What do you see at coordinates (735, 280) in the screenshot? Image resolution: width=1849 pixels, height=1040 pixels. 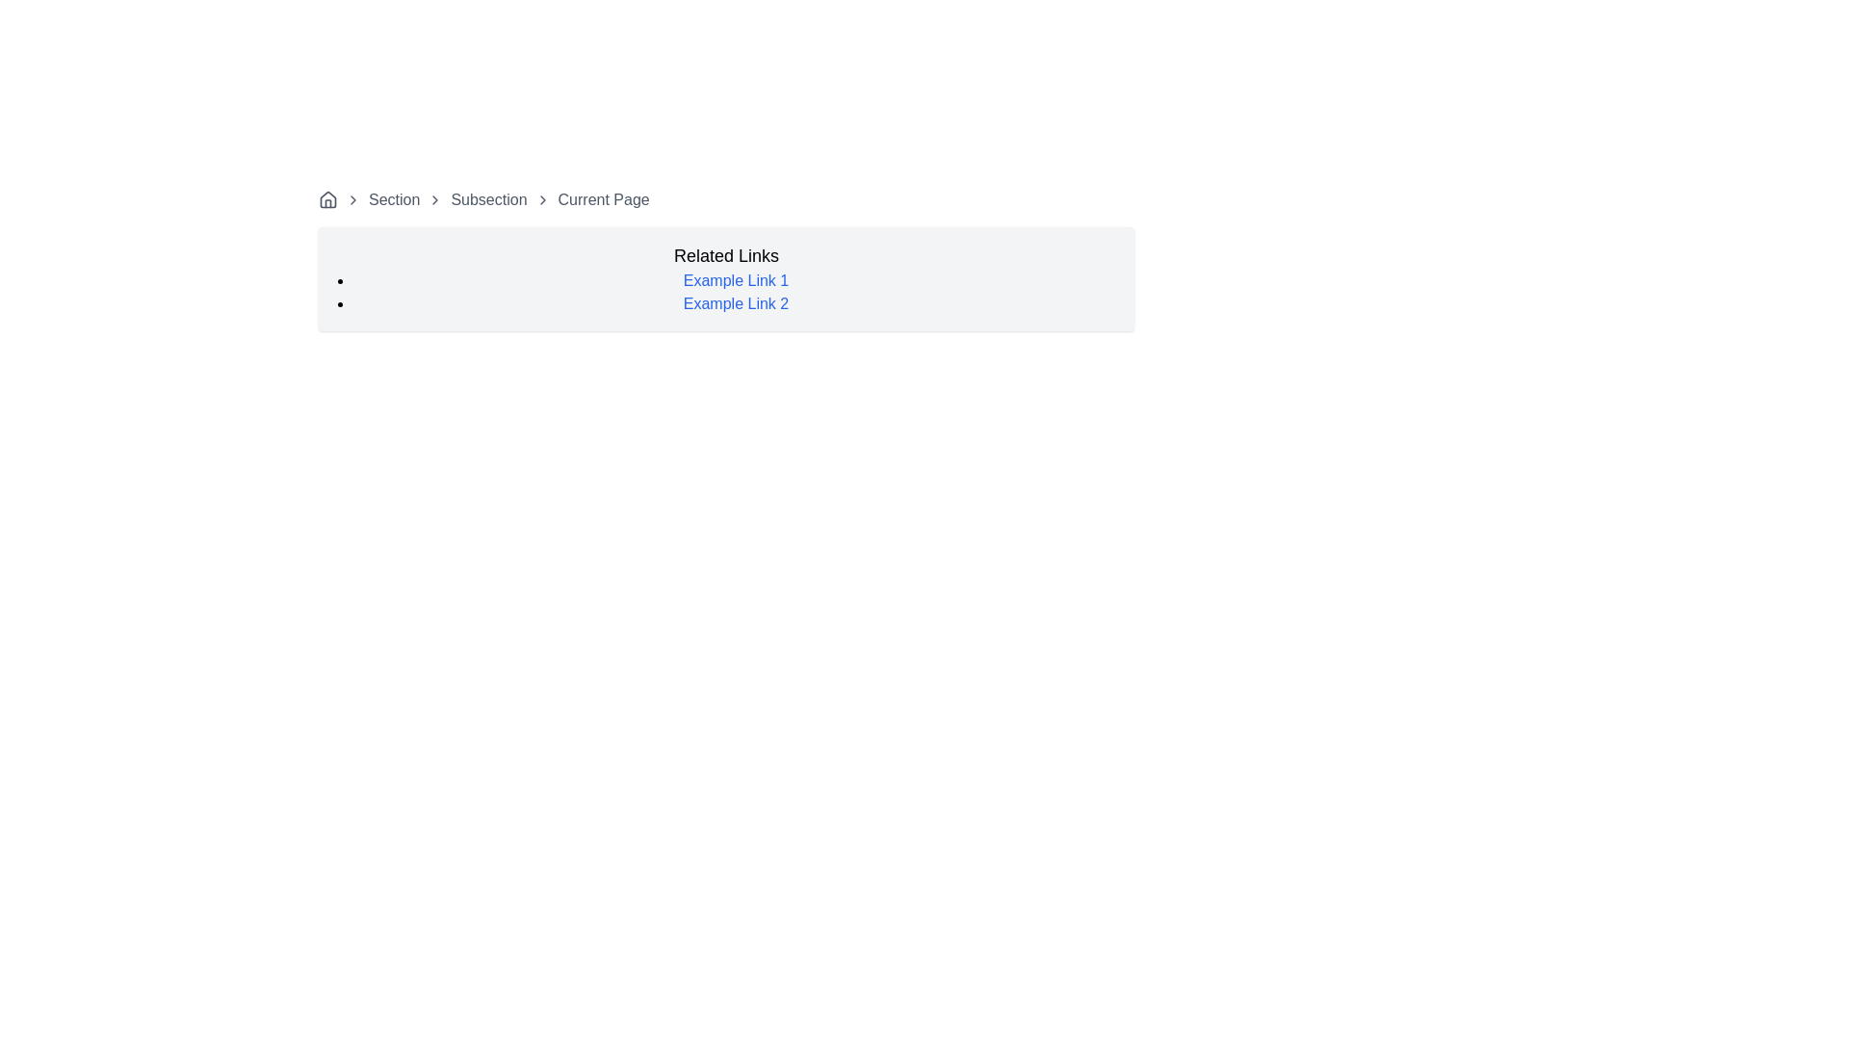 I see `the first hyperlink labeled 'Example Link 1', which is displayed in blue text and underlined` at bounding box center [735, 280].